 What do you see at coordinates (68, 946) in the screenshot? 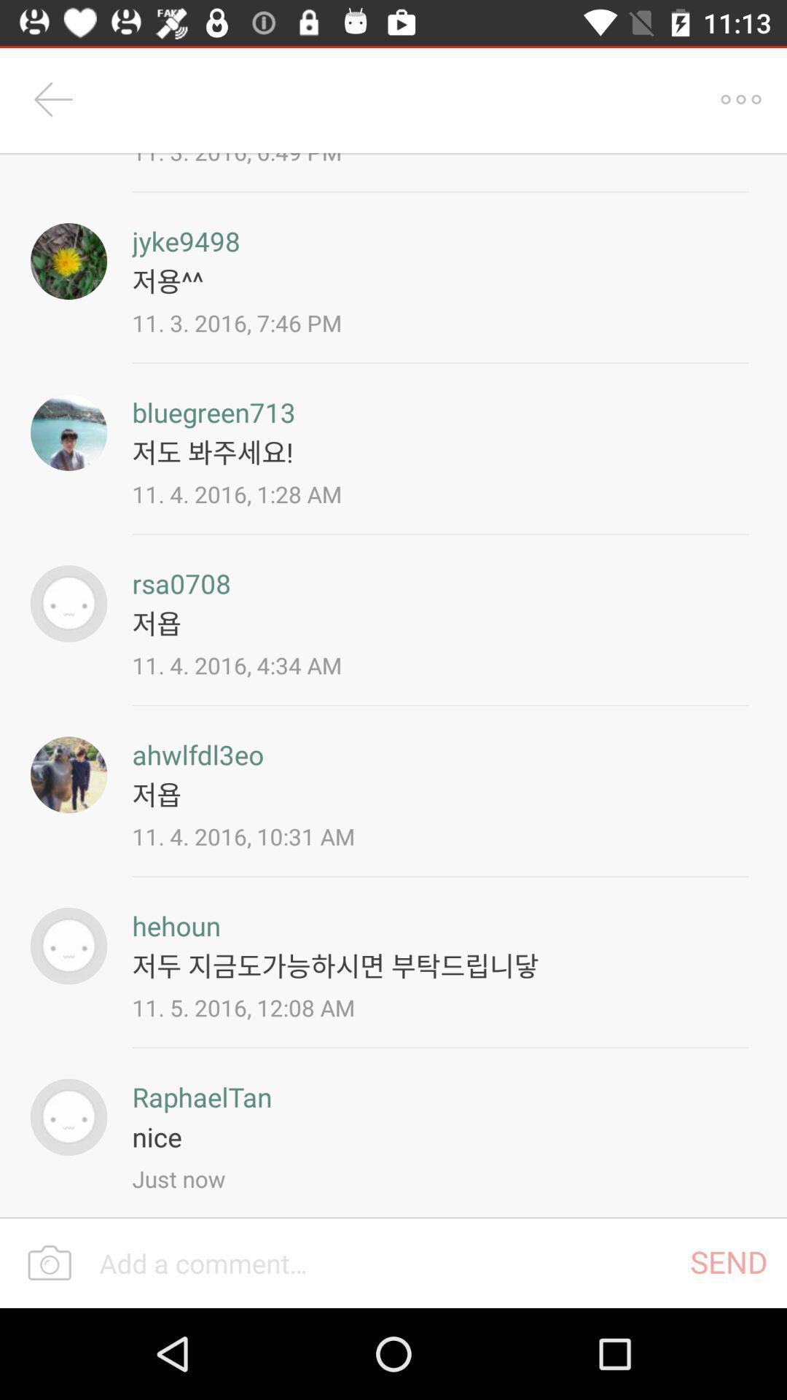
I see `click on the profile` at bounding box center [68, 946].